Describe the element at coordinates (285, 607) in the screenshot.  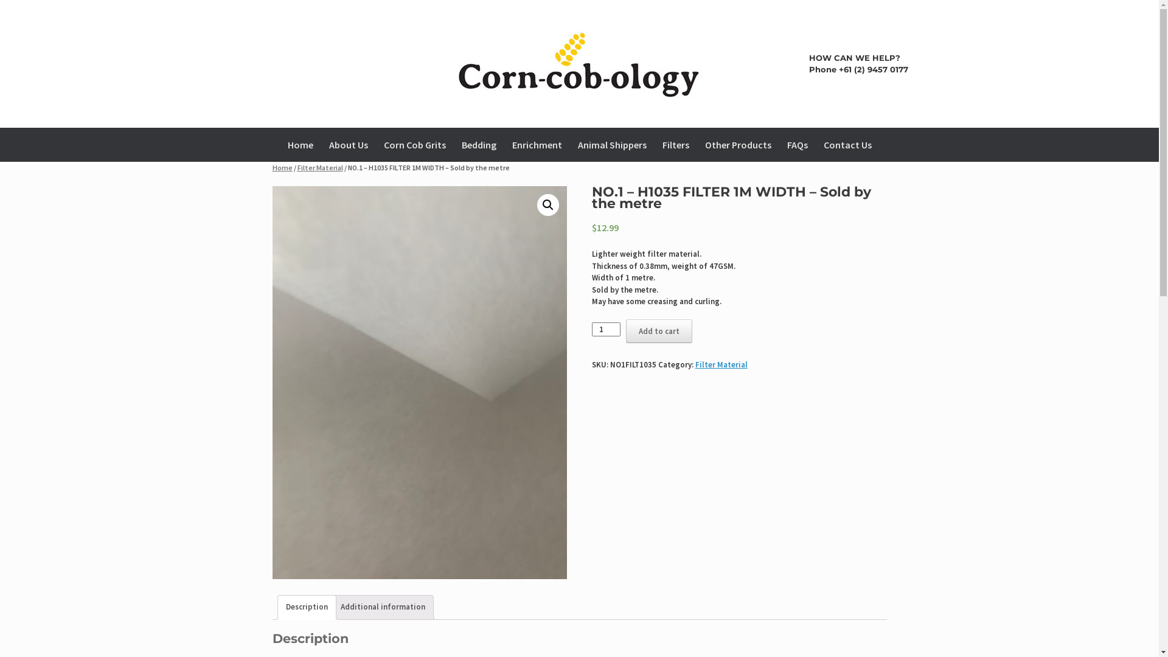
I see `'Description'` at that location.